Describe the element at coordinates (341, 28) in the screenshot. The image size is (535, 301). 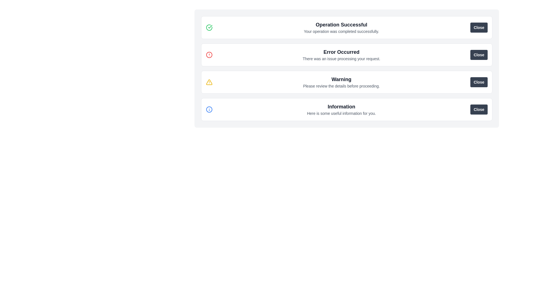
I see `the textual component in the first notification card that indicates the successful completion of an operation` at that location.